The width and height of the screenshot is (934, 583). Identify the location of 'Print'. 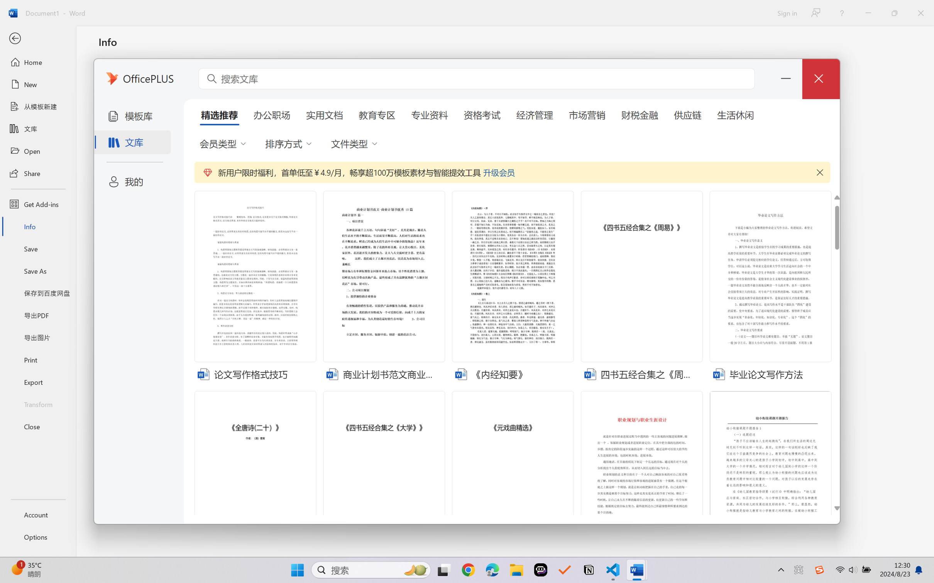
(37, 360).